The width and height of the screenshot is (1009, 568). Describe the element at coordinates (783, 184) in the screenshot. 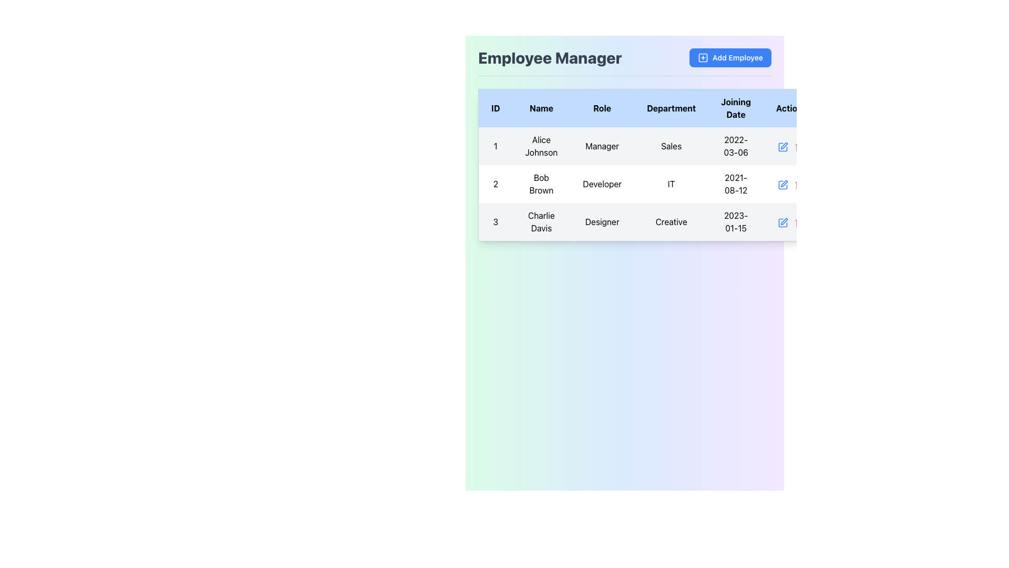

I see `the edit icon in the 'Action' column of the second row to initiate edit mode for the employee record of 'Bob Brown'` at that location.